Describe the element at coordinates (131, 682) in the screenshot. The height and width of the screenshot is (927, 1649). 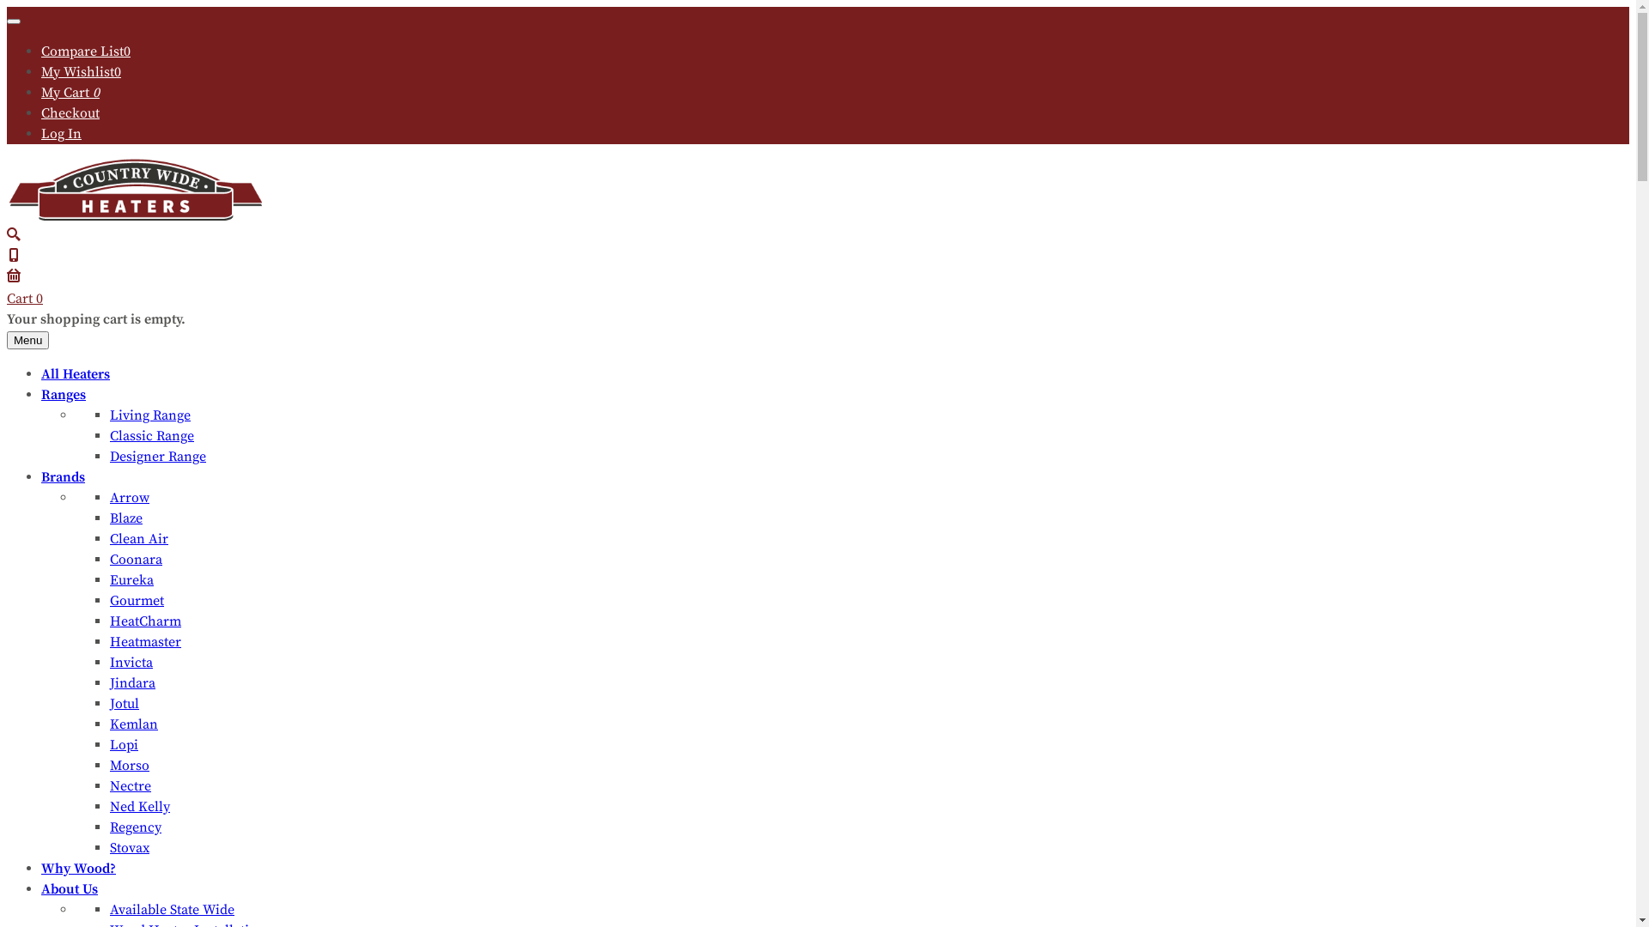
I see `'Jindara'` at that location.